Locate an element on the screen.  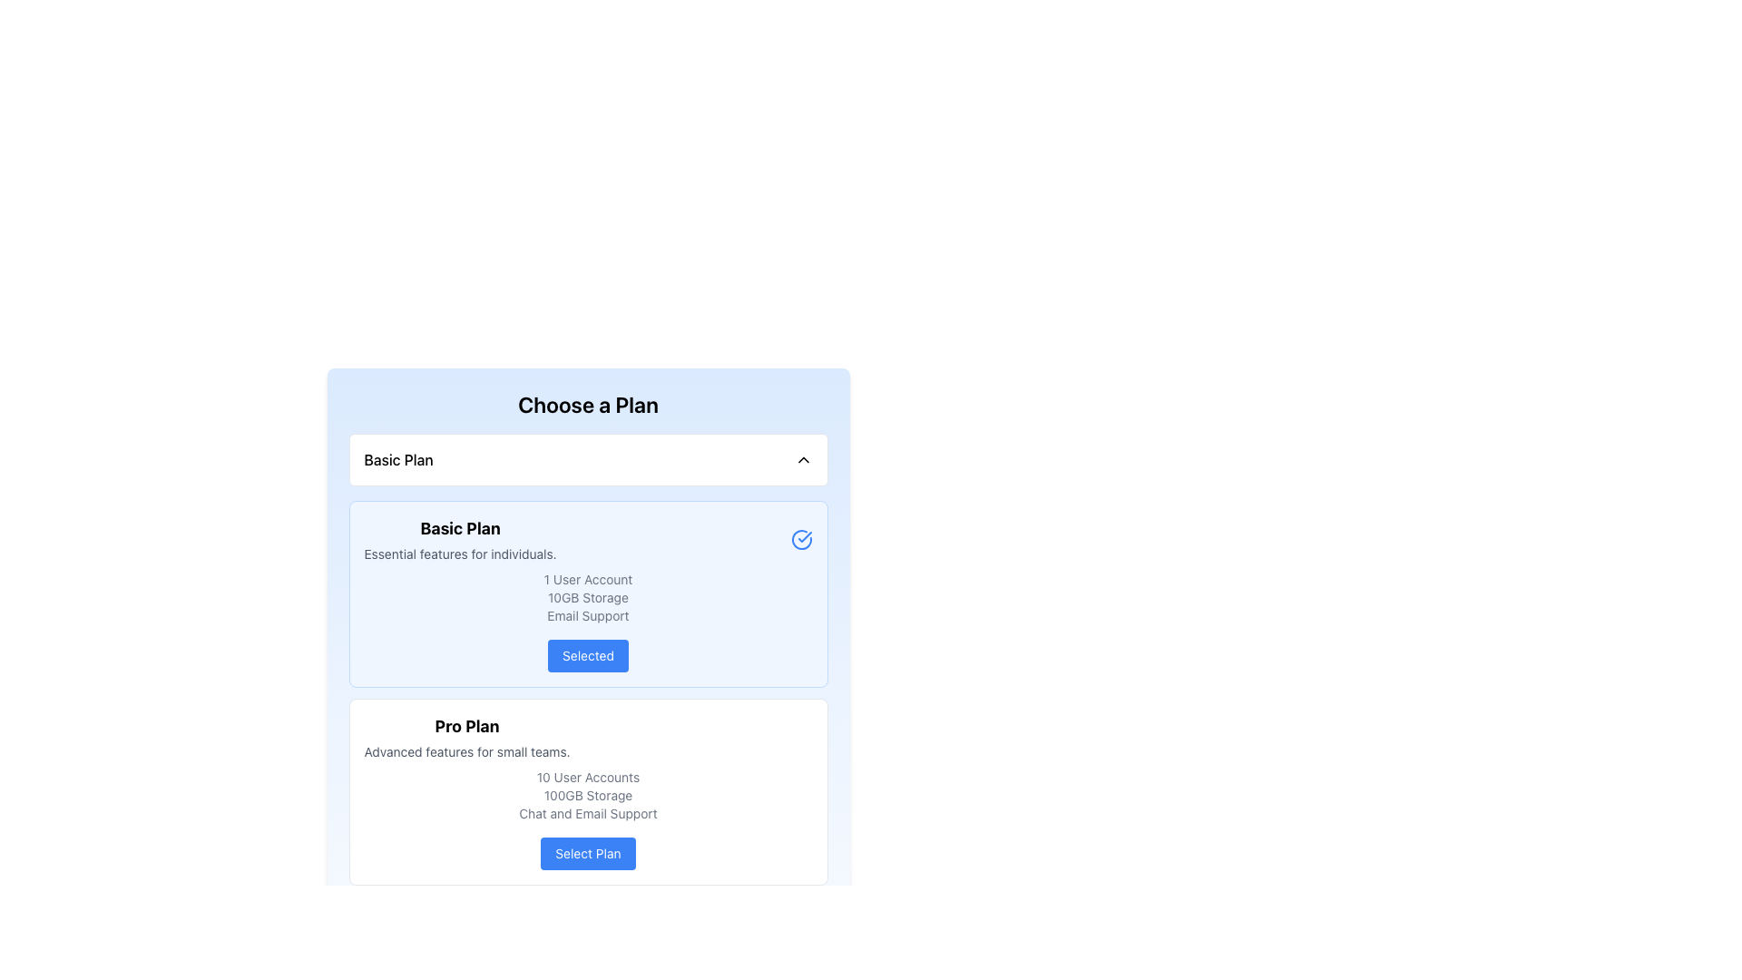
the 'Select Plan' button, which is a rectangular button with rounded corners, styled in blue with white text, located at the bottom of the 'Pro Plan' card is located at coordinates (588, 854).